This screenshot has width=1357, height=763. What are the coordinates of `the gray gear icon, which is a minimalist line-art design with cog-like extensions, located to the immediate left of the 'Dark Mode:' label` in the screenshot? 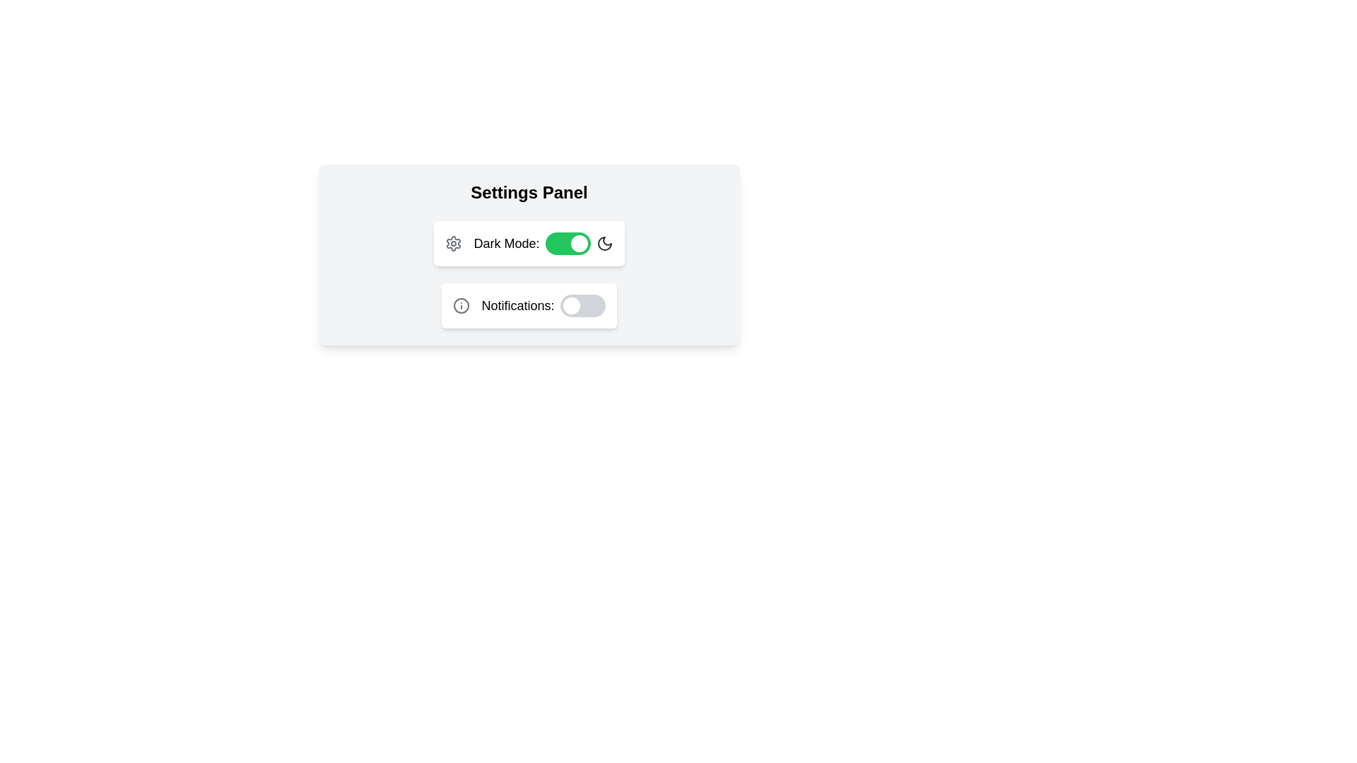 It's located at (454, 242).